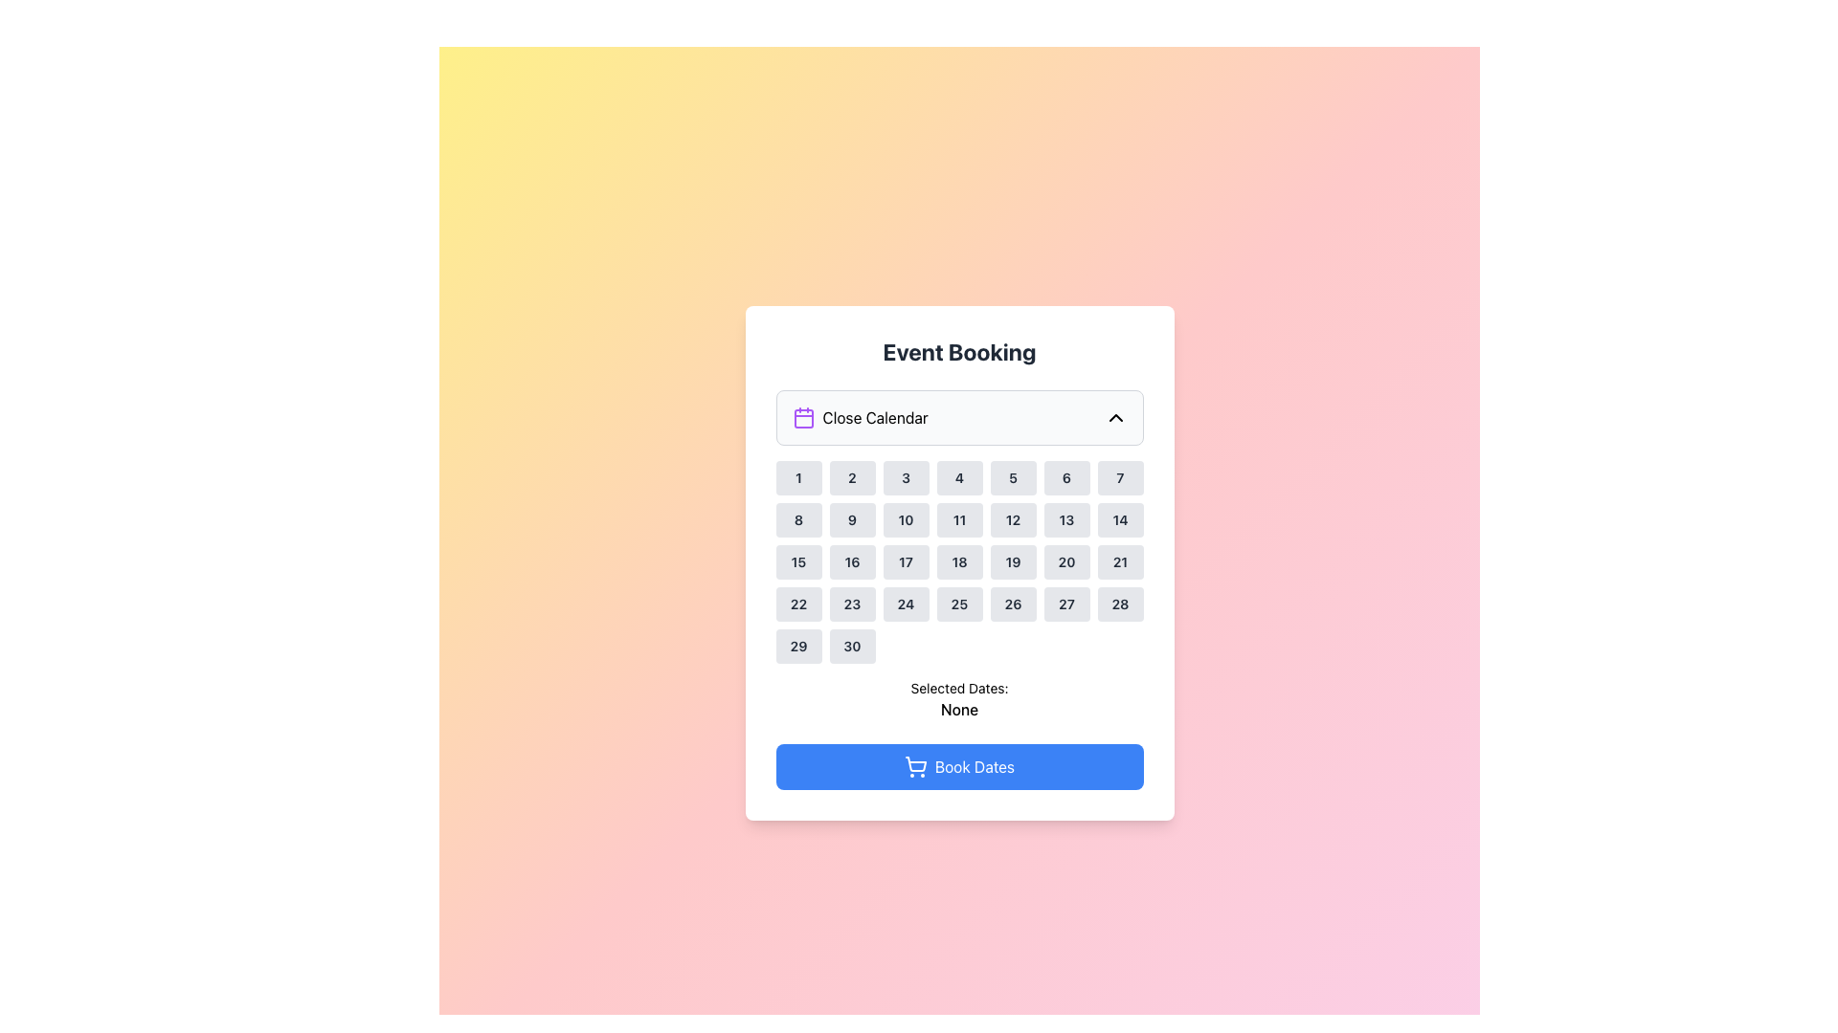  Describe the element at coordinates (914, 766) in the screenshot. I see `the shopping cart icon located within the 'Book Dates' button, which is positioned to the left of the text 'Book Dates'` at that location.